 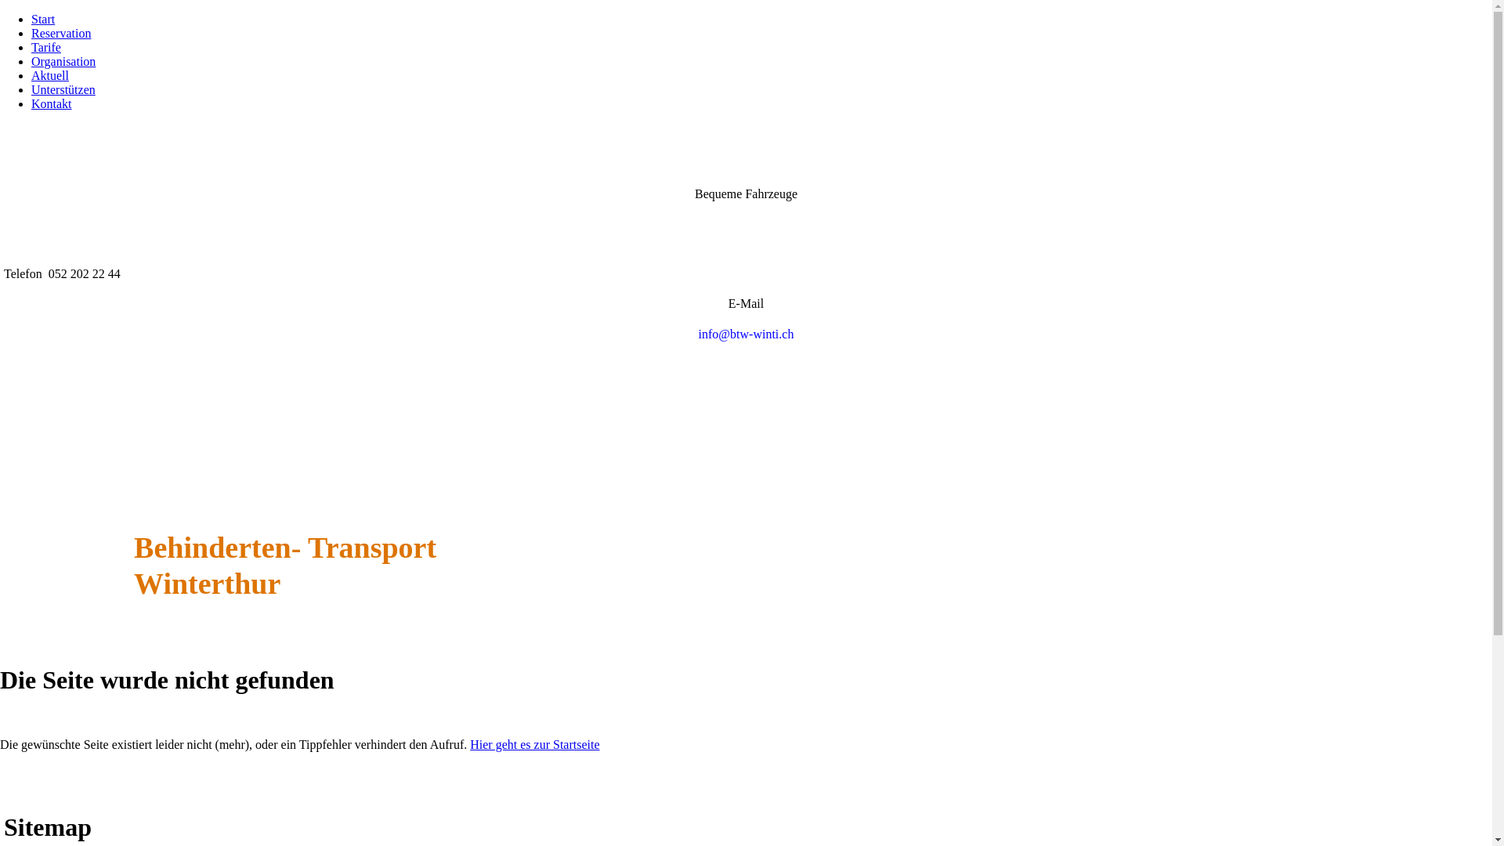 What do you see at coordinates (60, 33) in the screenshot?
I see `'Reservation'` at bounding box center [60, 33].